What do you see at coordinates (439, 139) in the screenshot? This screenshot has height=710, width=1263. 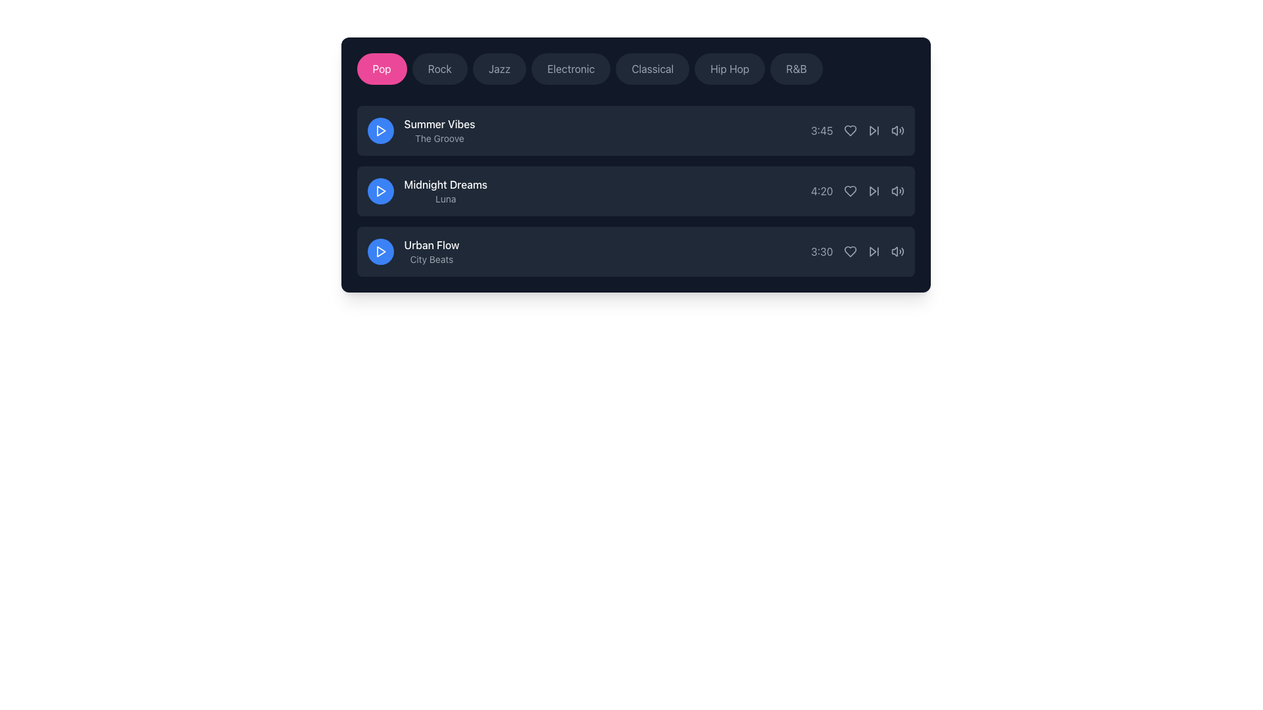 I see `the static label displaying 'The Groove' in gray color, which is located beneath 'Summer Vibes' in a dark-themed interface` at bounding box center [439, 139].